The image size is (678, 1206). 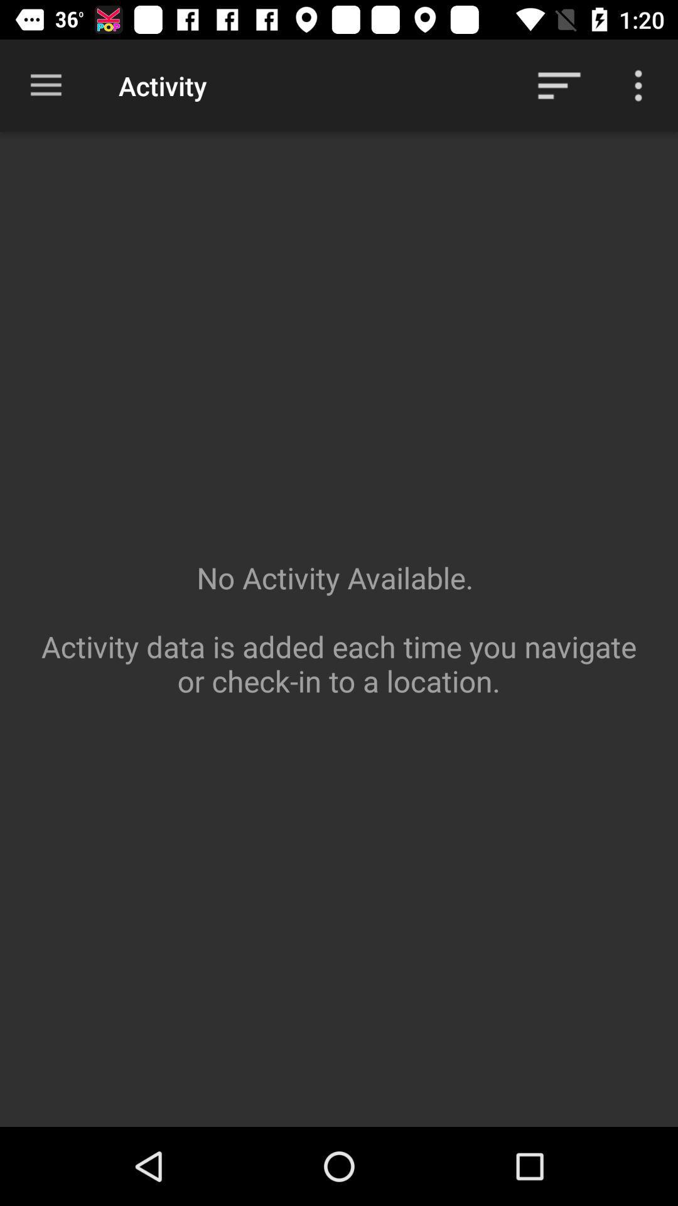 What do you see at coordinates (559, 85) in the screenshot?
I see `the icon above the no activity available icon` at bounding box center [559, 85].